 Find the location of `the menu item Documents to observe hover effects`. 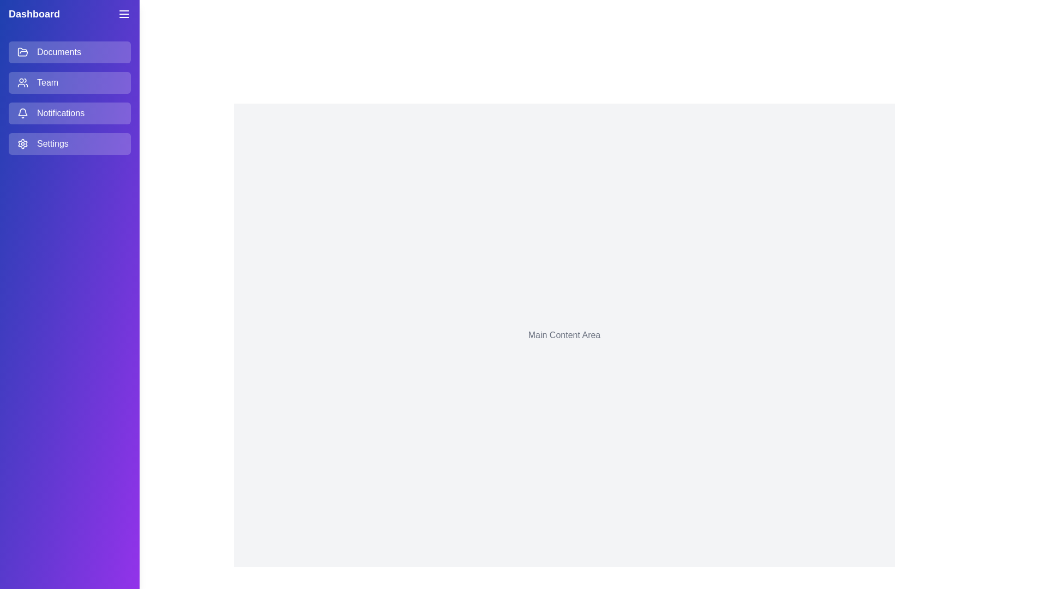

the menu item Documents to observe hover effects is located at coordinates (69, 52).